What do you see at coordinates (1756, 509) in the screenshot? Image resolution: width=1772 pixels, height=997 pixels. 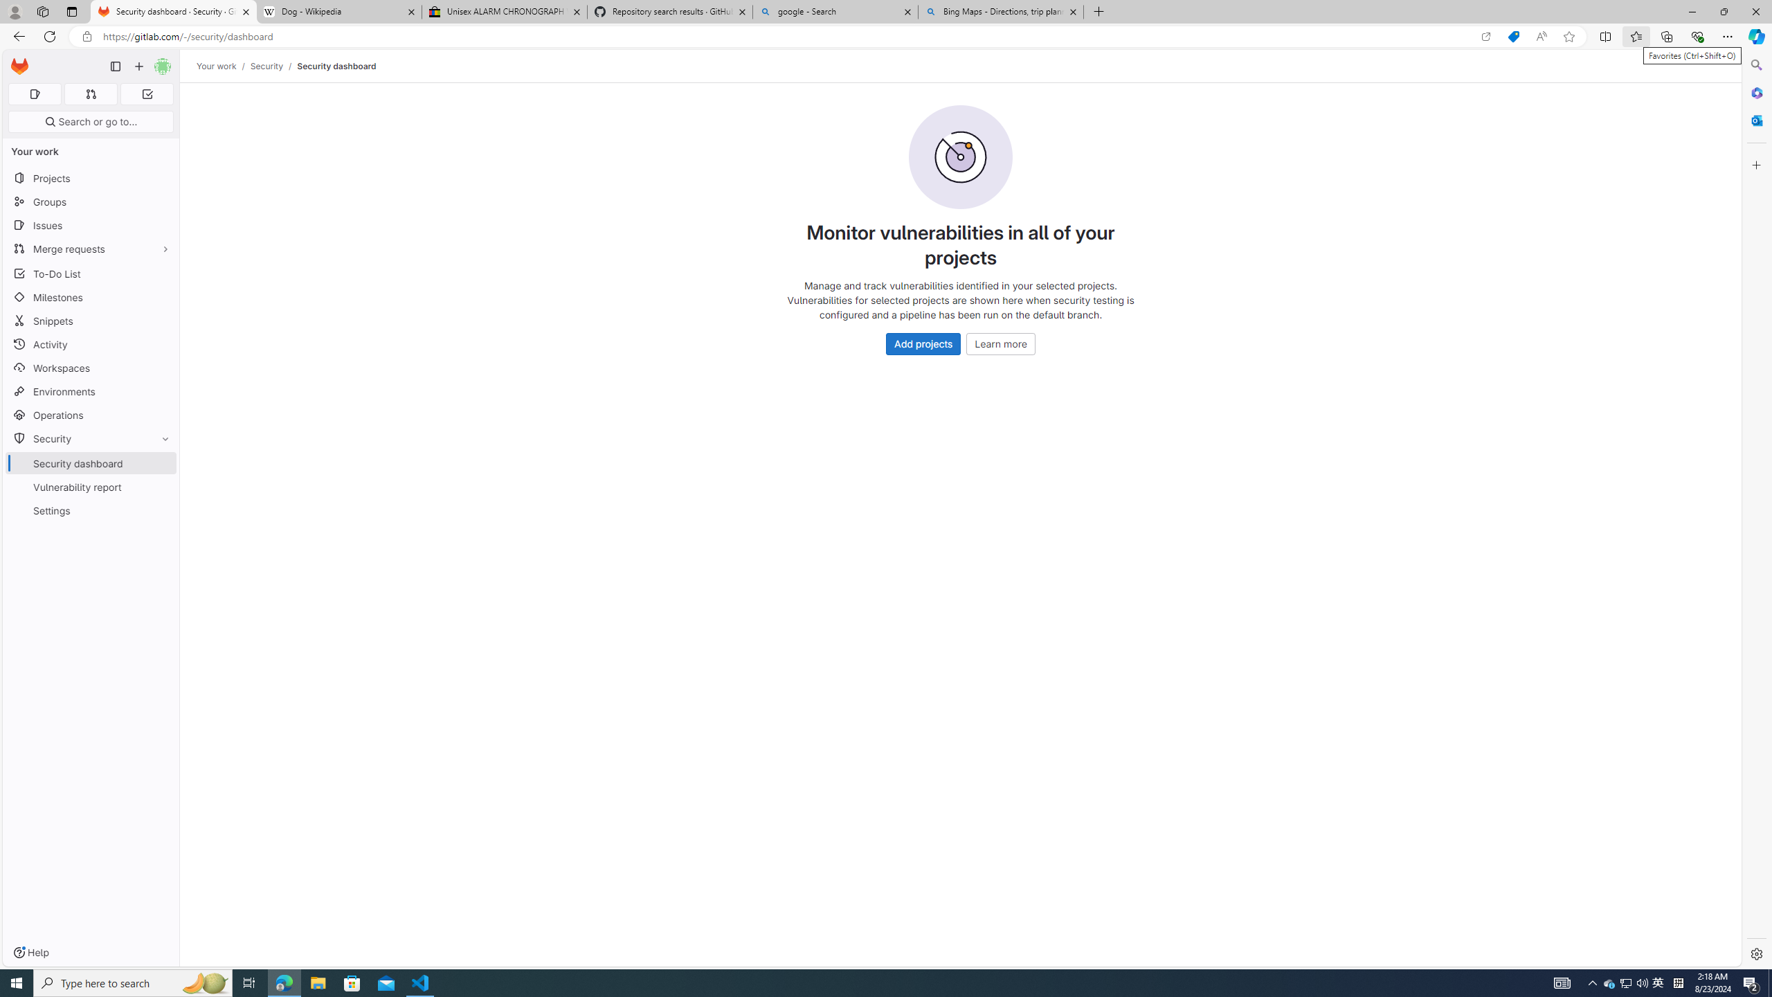 I see `'Side bar'` at bounding box center [1756, 509].